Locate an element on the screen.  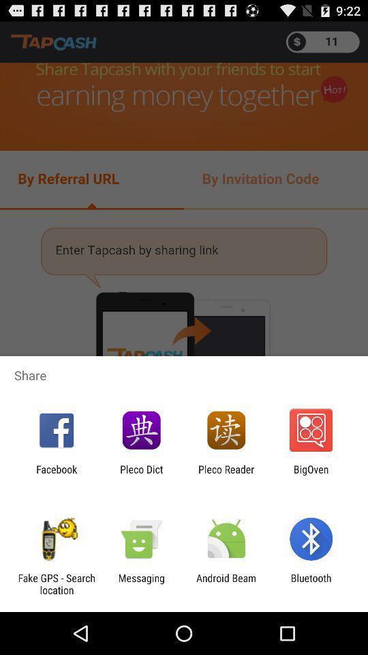
the icon to the right of fake gps search icon is located at coordinates (140, 583).